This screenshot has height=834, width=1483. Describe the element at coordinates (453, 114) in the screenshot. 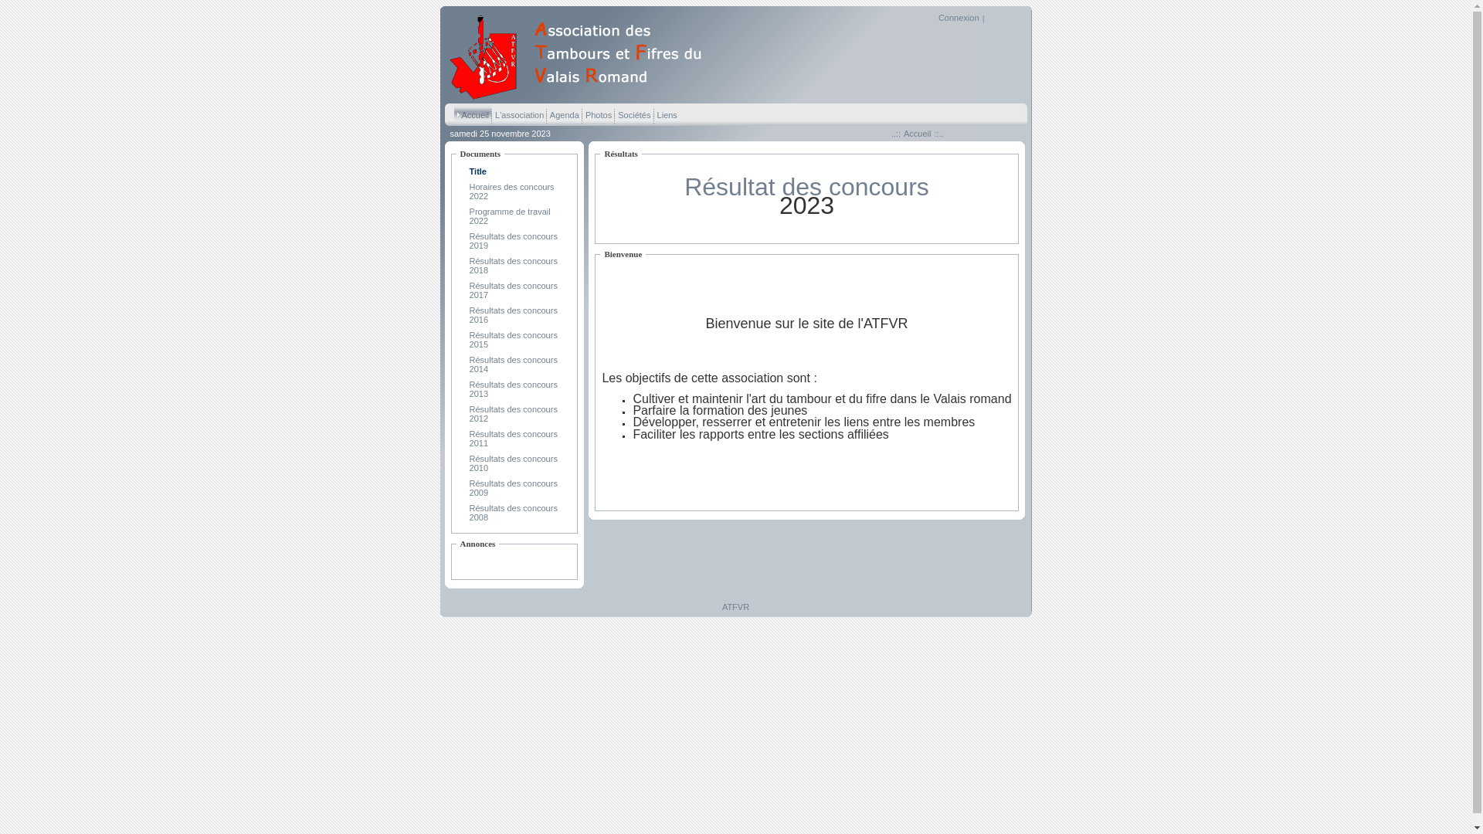

I see `'Accueil '` at that location.